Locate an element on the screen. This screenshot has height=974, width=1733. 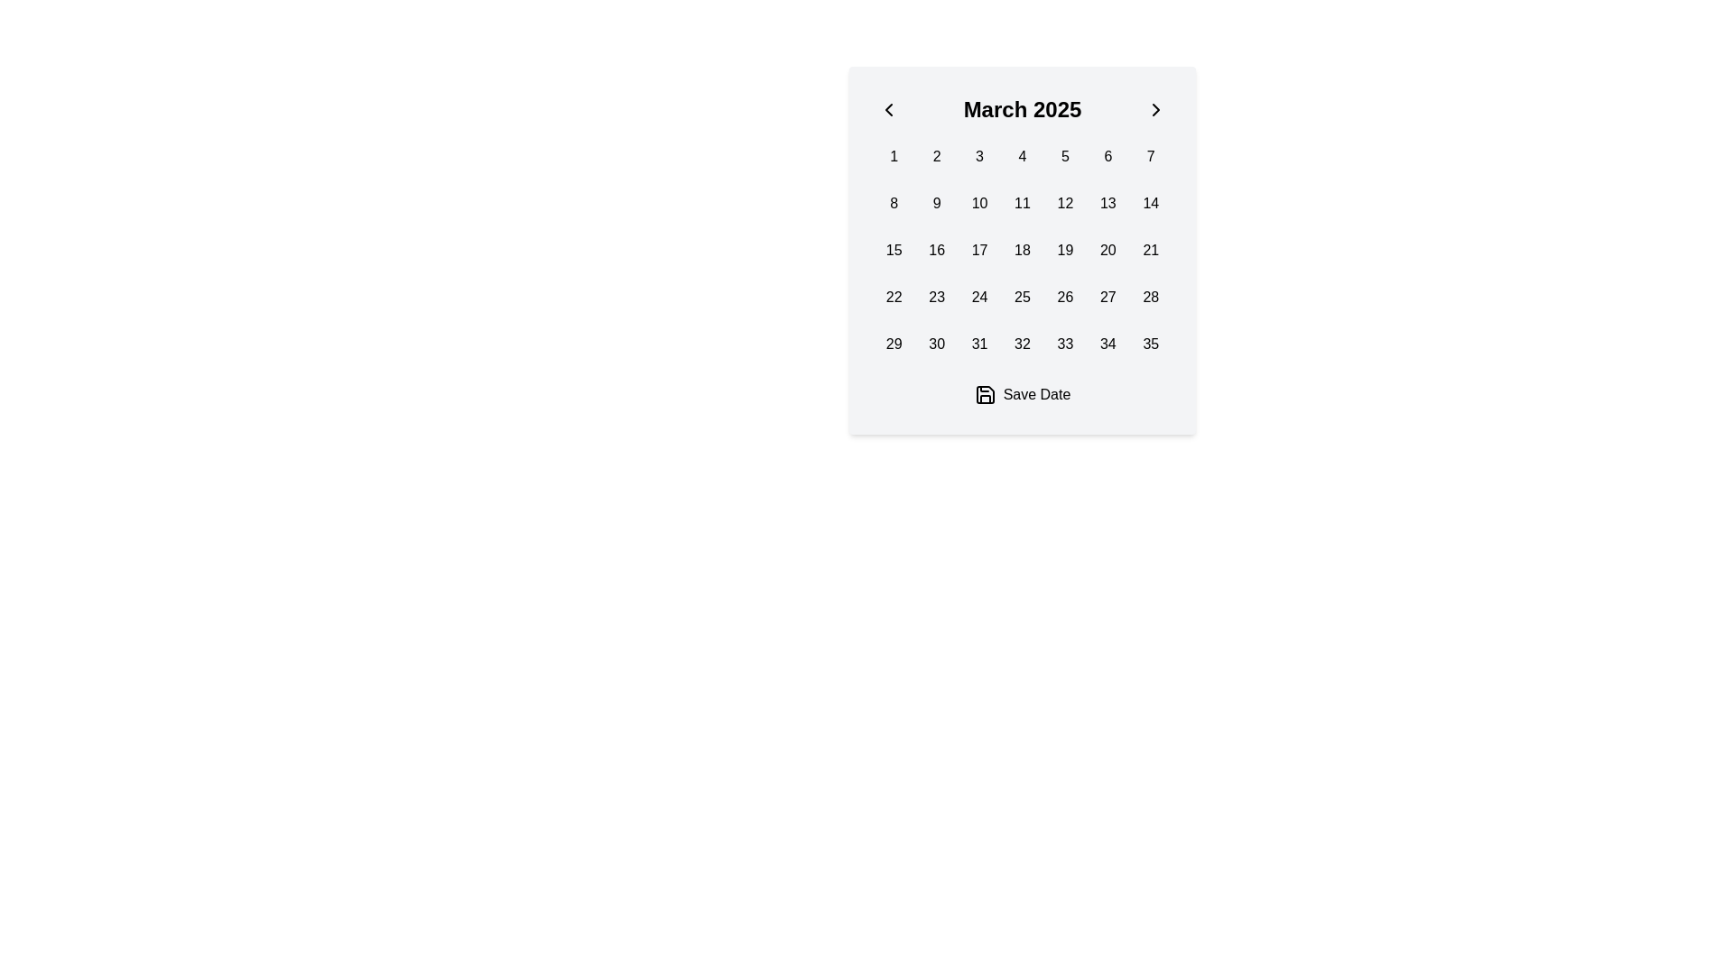
the rectangular button with rounded corners containing the numeral '7' is located at coordinates (1150, 155).